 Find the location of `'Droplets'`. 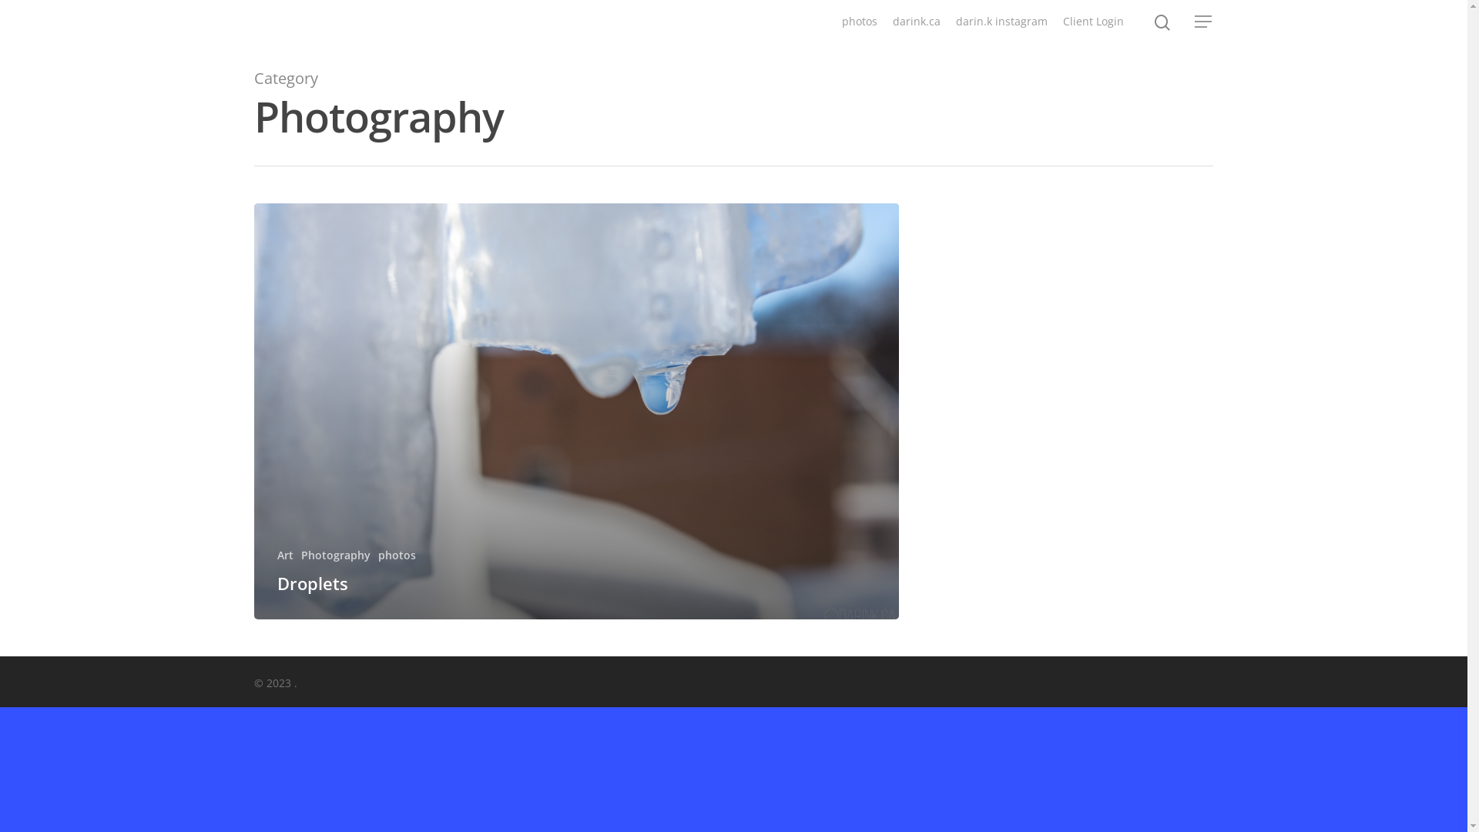

'Droplets' is located at coordinates (312, 582).